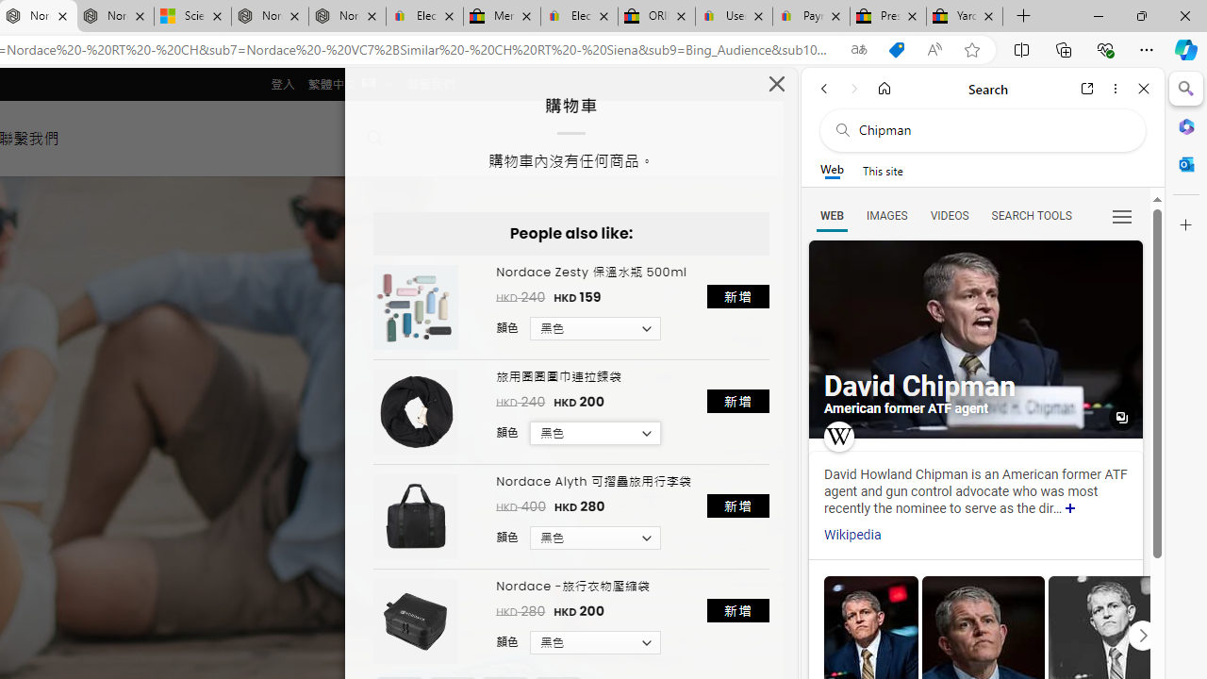  What do you see at coordinates (831, 214) in the screenshot?
I see `'Search Filter, WEB'` at bounding box center [831, 214].